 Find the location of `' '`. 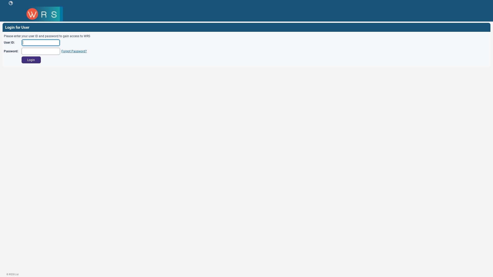

' ' is located at coordinates (11, 3).